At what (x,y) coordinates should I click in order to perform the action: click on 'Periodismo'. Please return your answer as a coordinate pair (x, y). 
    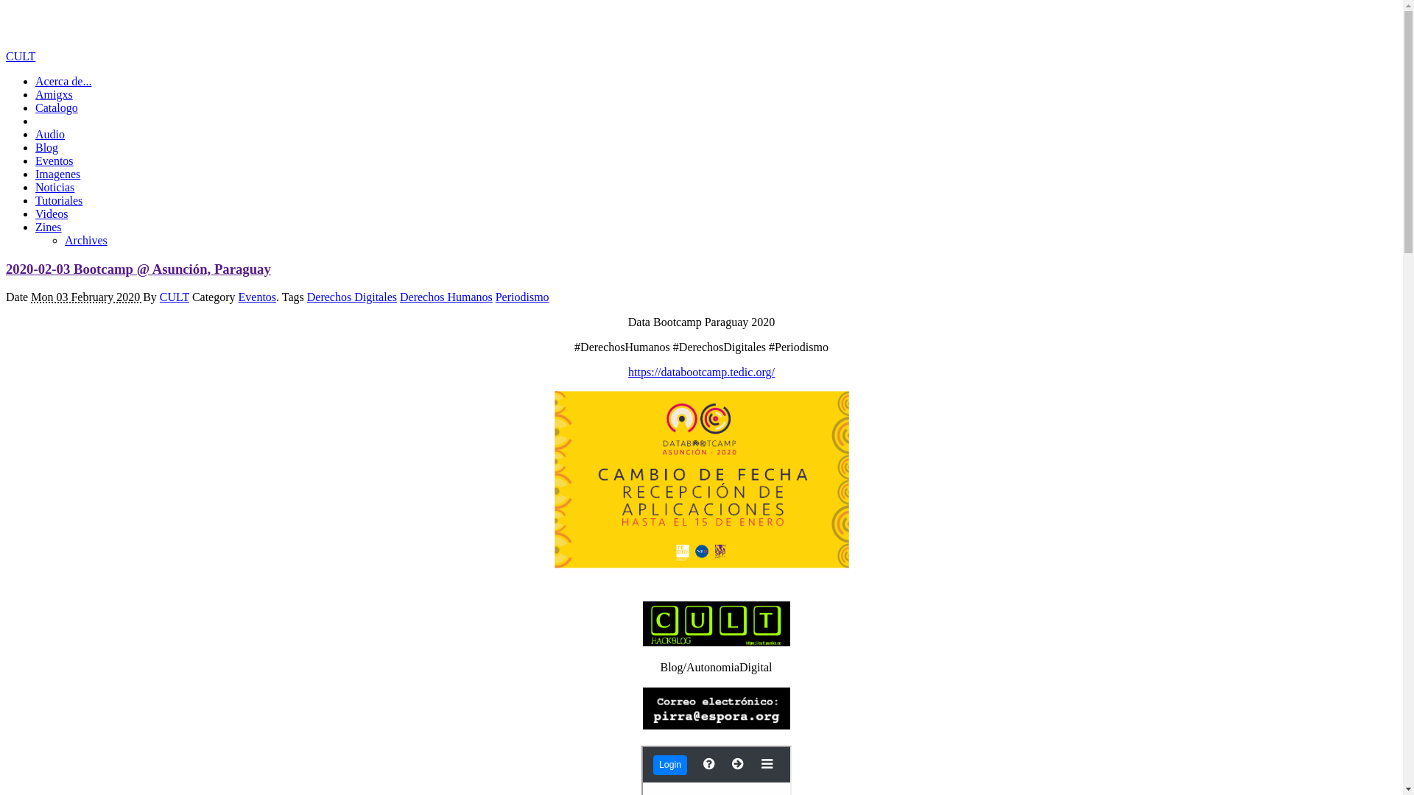
    Looking at the image, I should click on (522, 297).